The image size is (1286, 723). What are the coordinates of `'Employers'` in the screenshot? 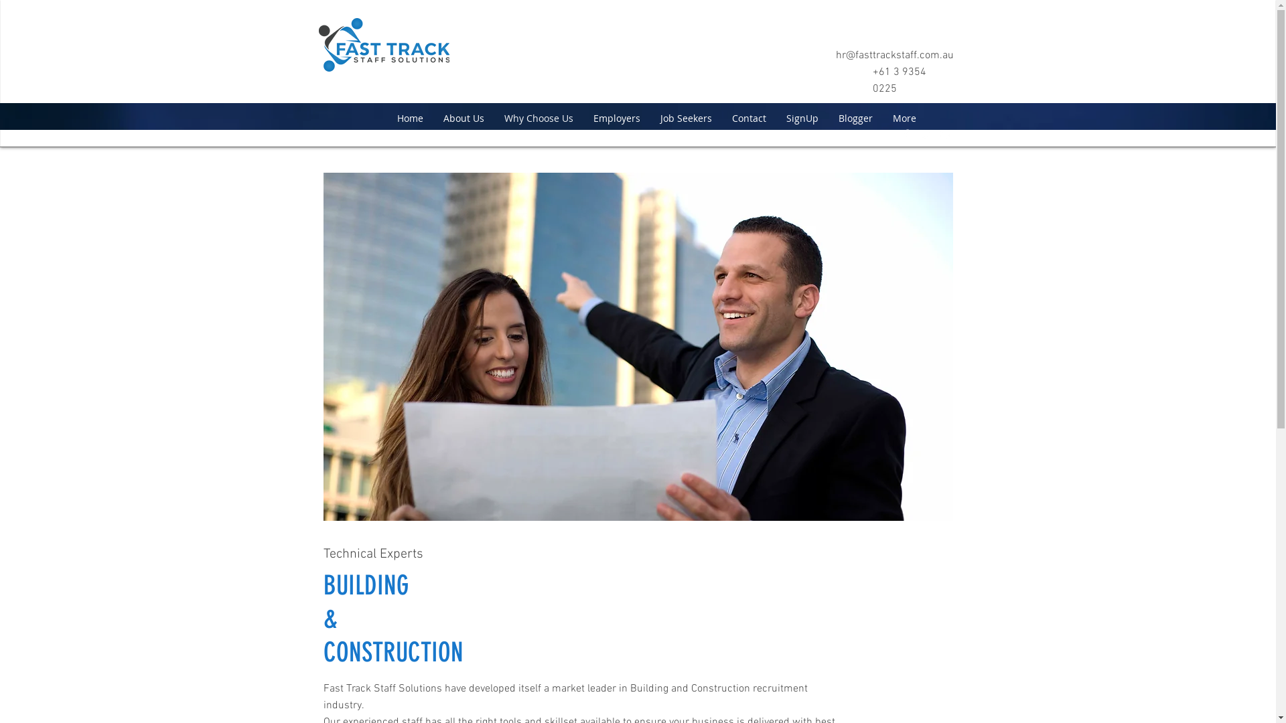 It's located at (582, 117).